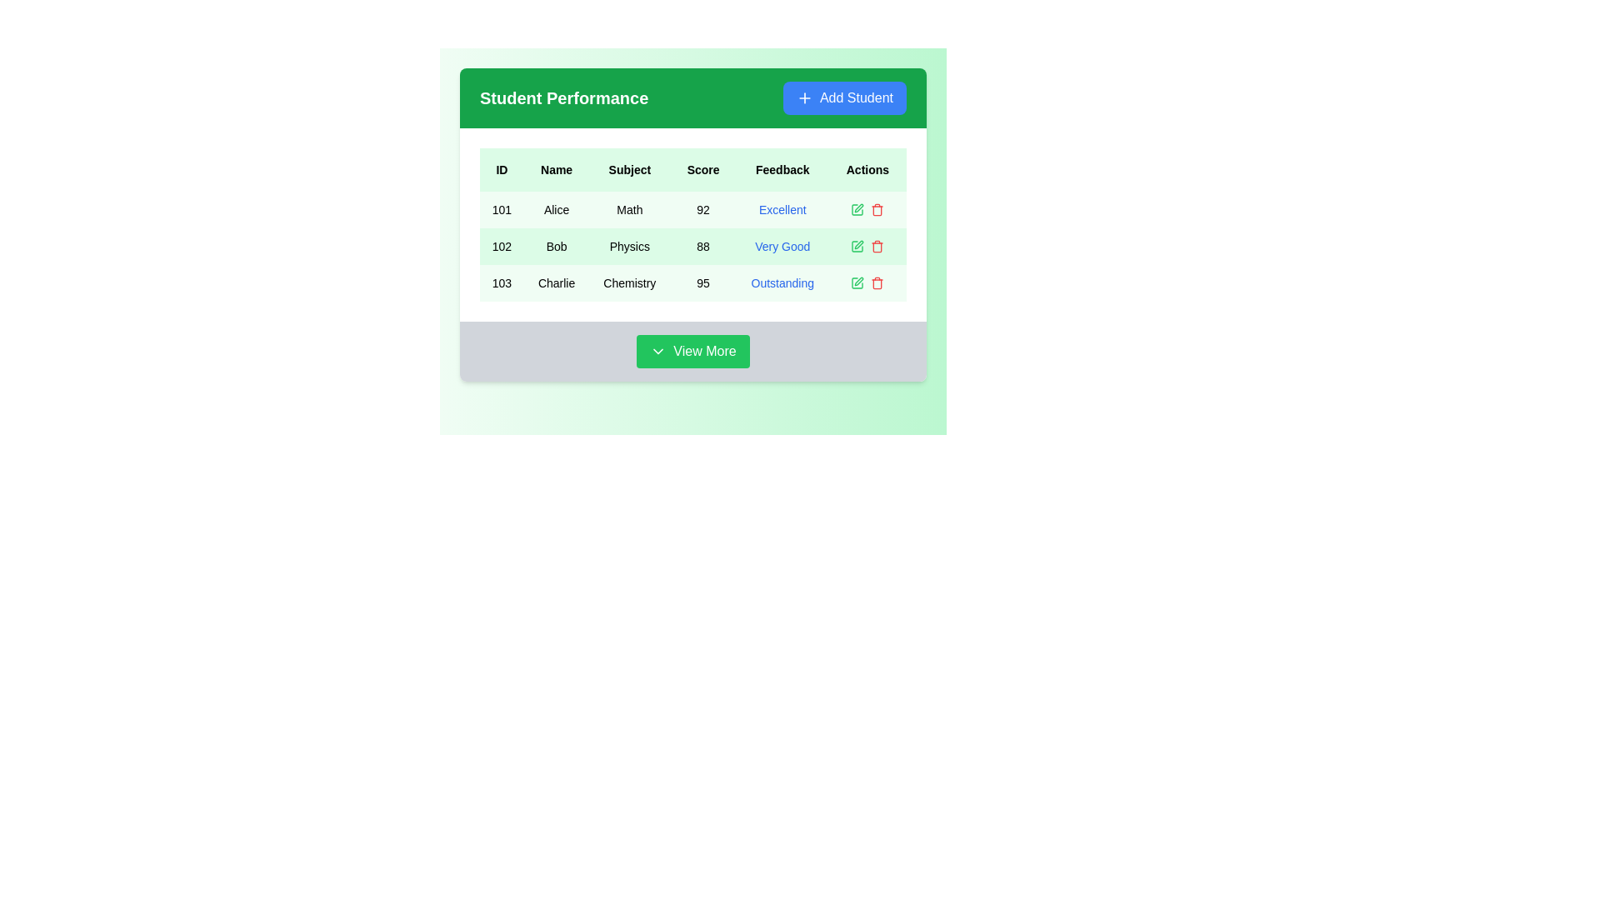 Image resolution: width=1600 pixels, height=900 pixels. I want to click on the student records table, so click(692, 225).